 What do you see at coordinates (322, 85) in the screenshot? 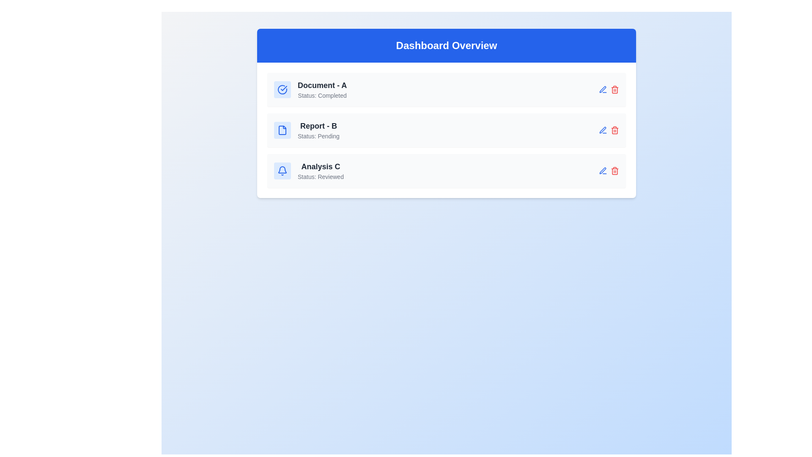
I see `the label displaying the text 'Document - A' which is styled in bold with a dark gray color, positioned at the top-left of a list item` at bounding box center [322, 85].